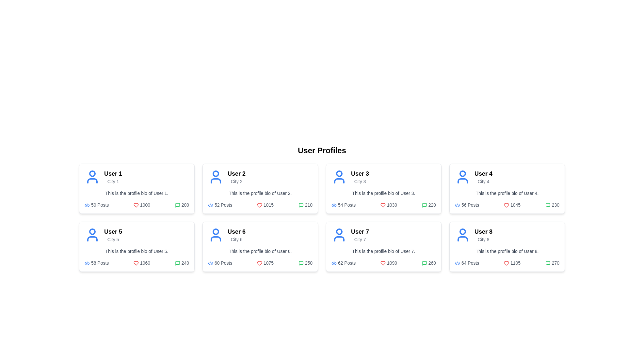  What do you see at coordinates (300, 205) in the screenshot?
I see `the green speech bubble icon representing comments or messages located next to the number '210' in the second profile card of 'User 2'` at bounding box center [300, 205].